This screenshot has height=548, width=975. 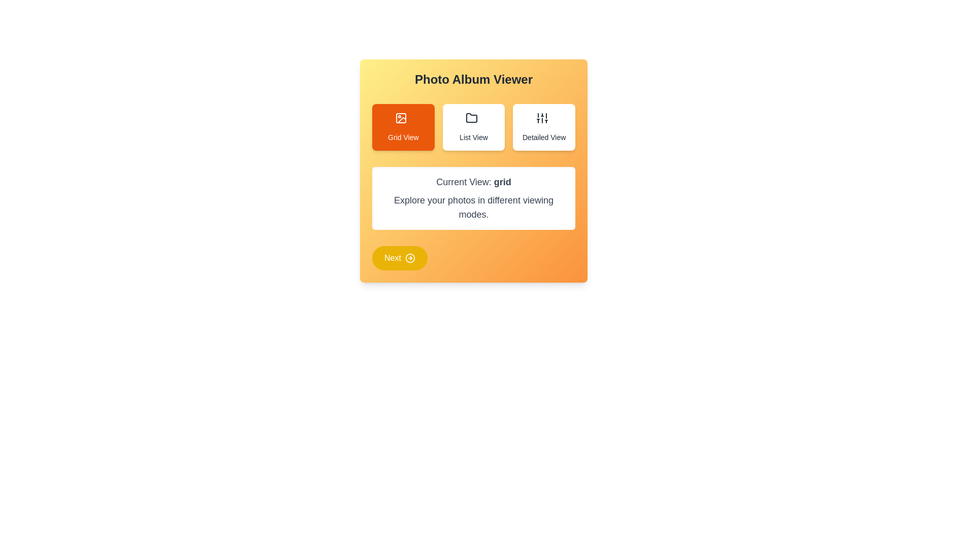 What do you see at coordinates (473, 207) in the screenshot?
I see `text label displaying 'Explore your photos in different viewing modes.' which is positioned below the 'Current View: grid' label` at bounding box center [473, 207].